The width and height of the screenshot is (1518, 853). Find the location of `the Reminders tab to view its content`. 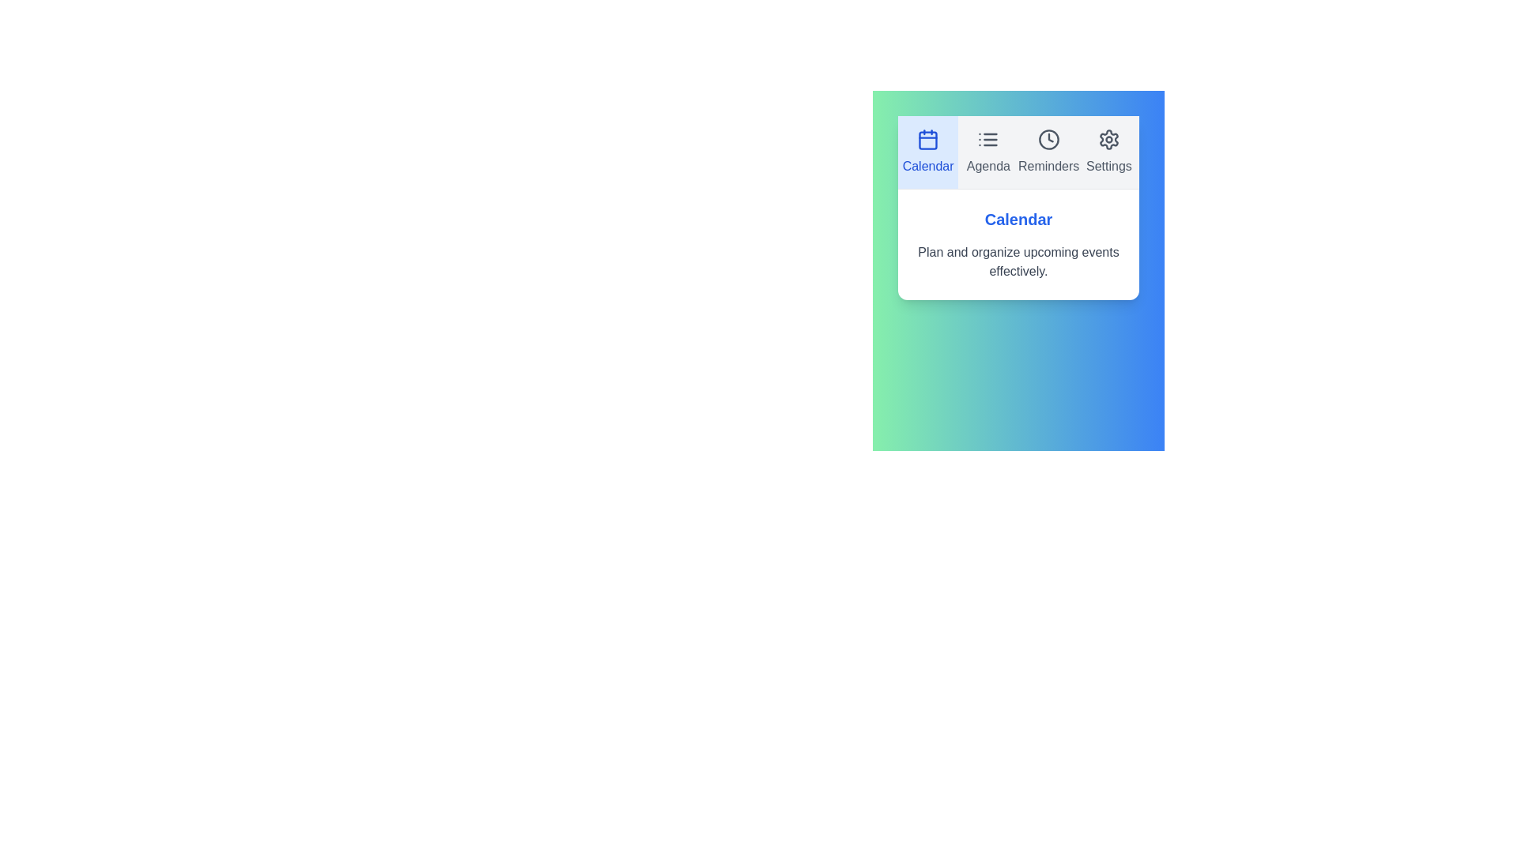

the Reminders tab to view its content is located at coordinates (1048, 152).